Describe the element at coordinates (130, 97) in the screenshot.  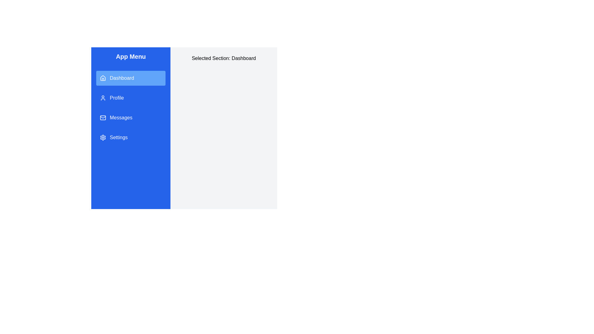
I see `the menu item Profile` at that location.